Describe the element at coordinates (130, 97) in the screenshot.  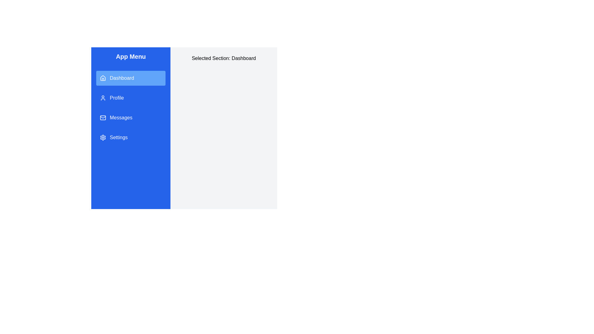
I see `the menu item Profile` at that location.